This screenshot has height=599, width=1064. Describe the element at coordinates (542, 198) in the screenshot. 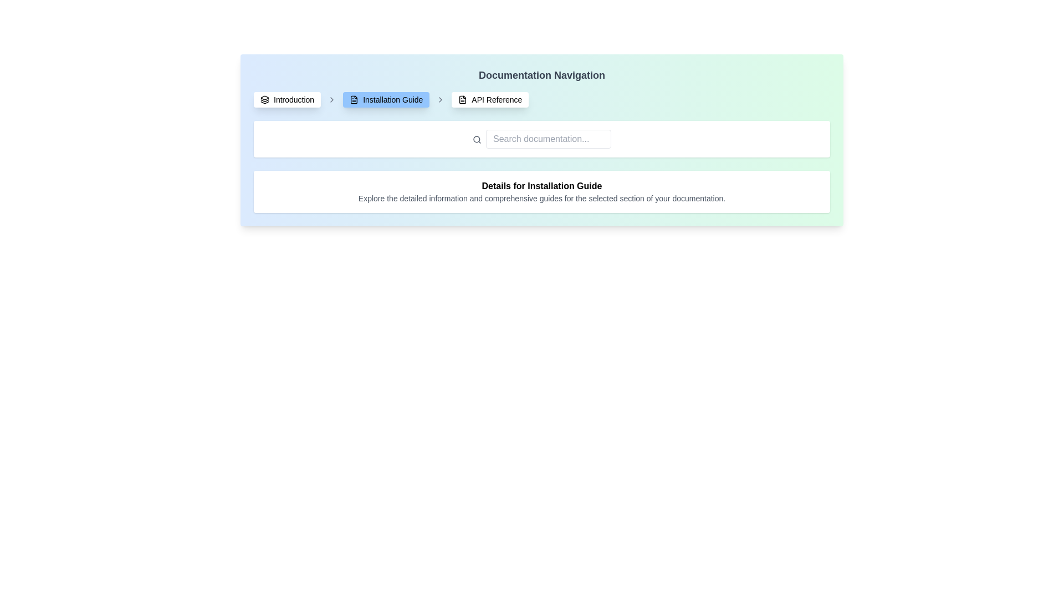

I see `the supplementary explanatory text located below the bolded title 'Details for Installation Guide' within a white card with rounded corners` at that location.